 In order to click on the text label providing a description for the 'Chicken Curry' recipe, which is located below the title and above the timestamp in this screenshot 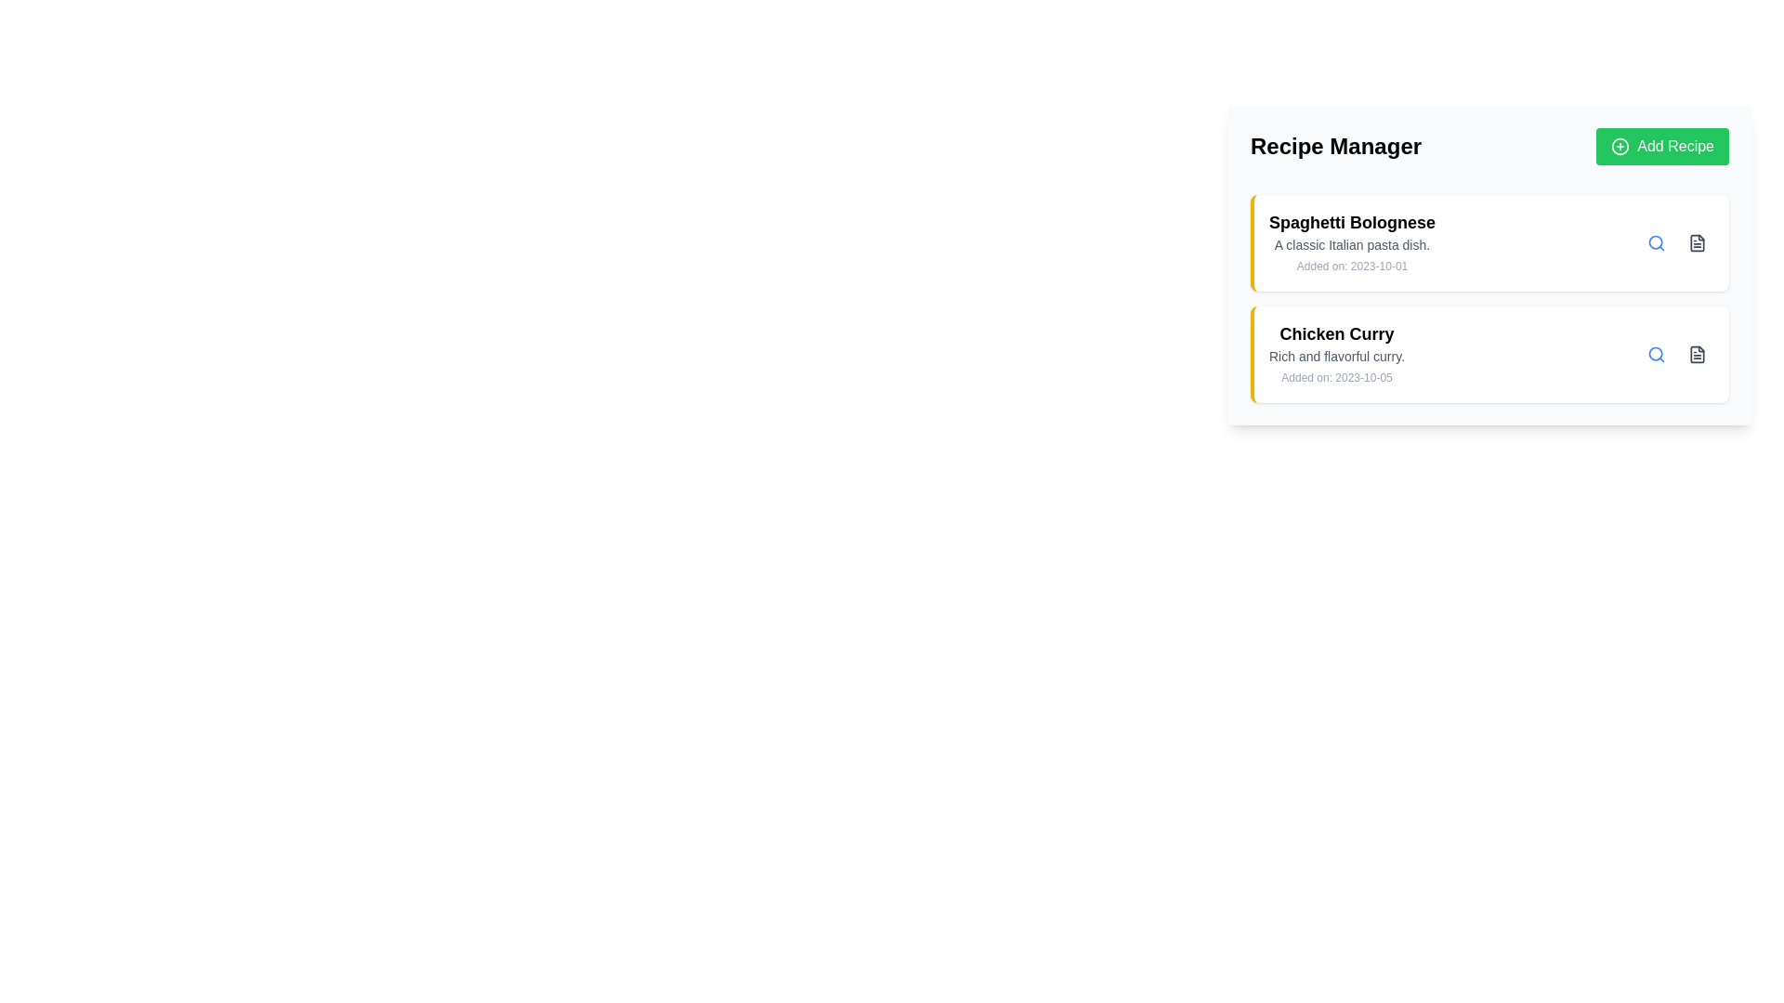, I will do `click(1336, 357)`.